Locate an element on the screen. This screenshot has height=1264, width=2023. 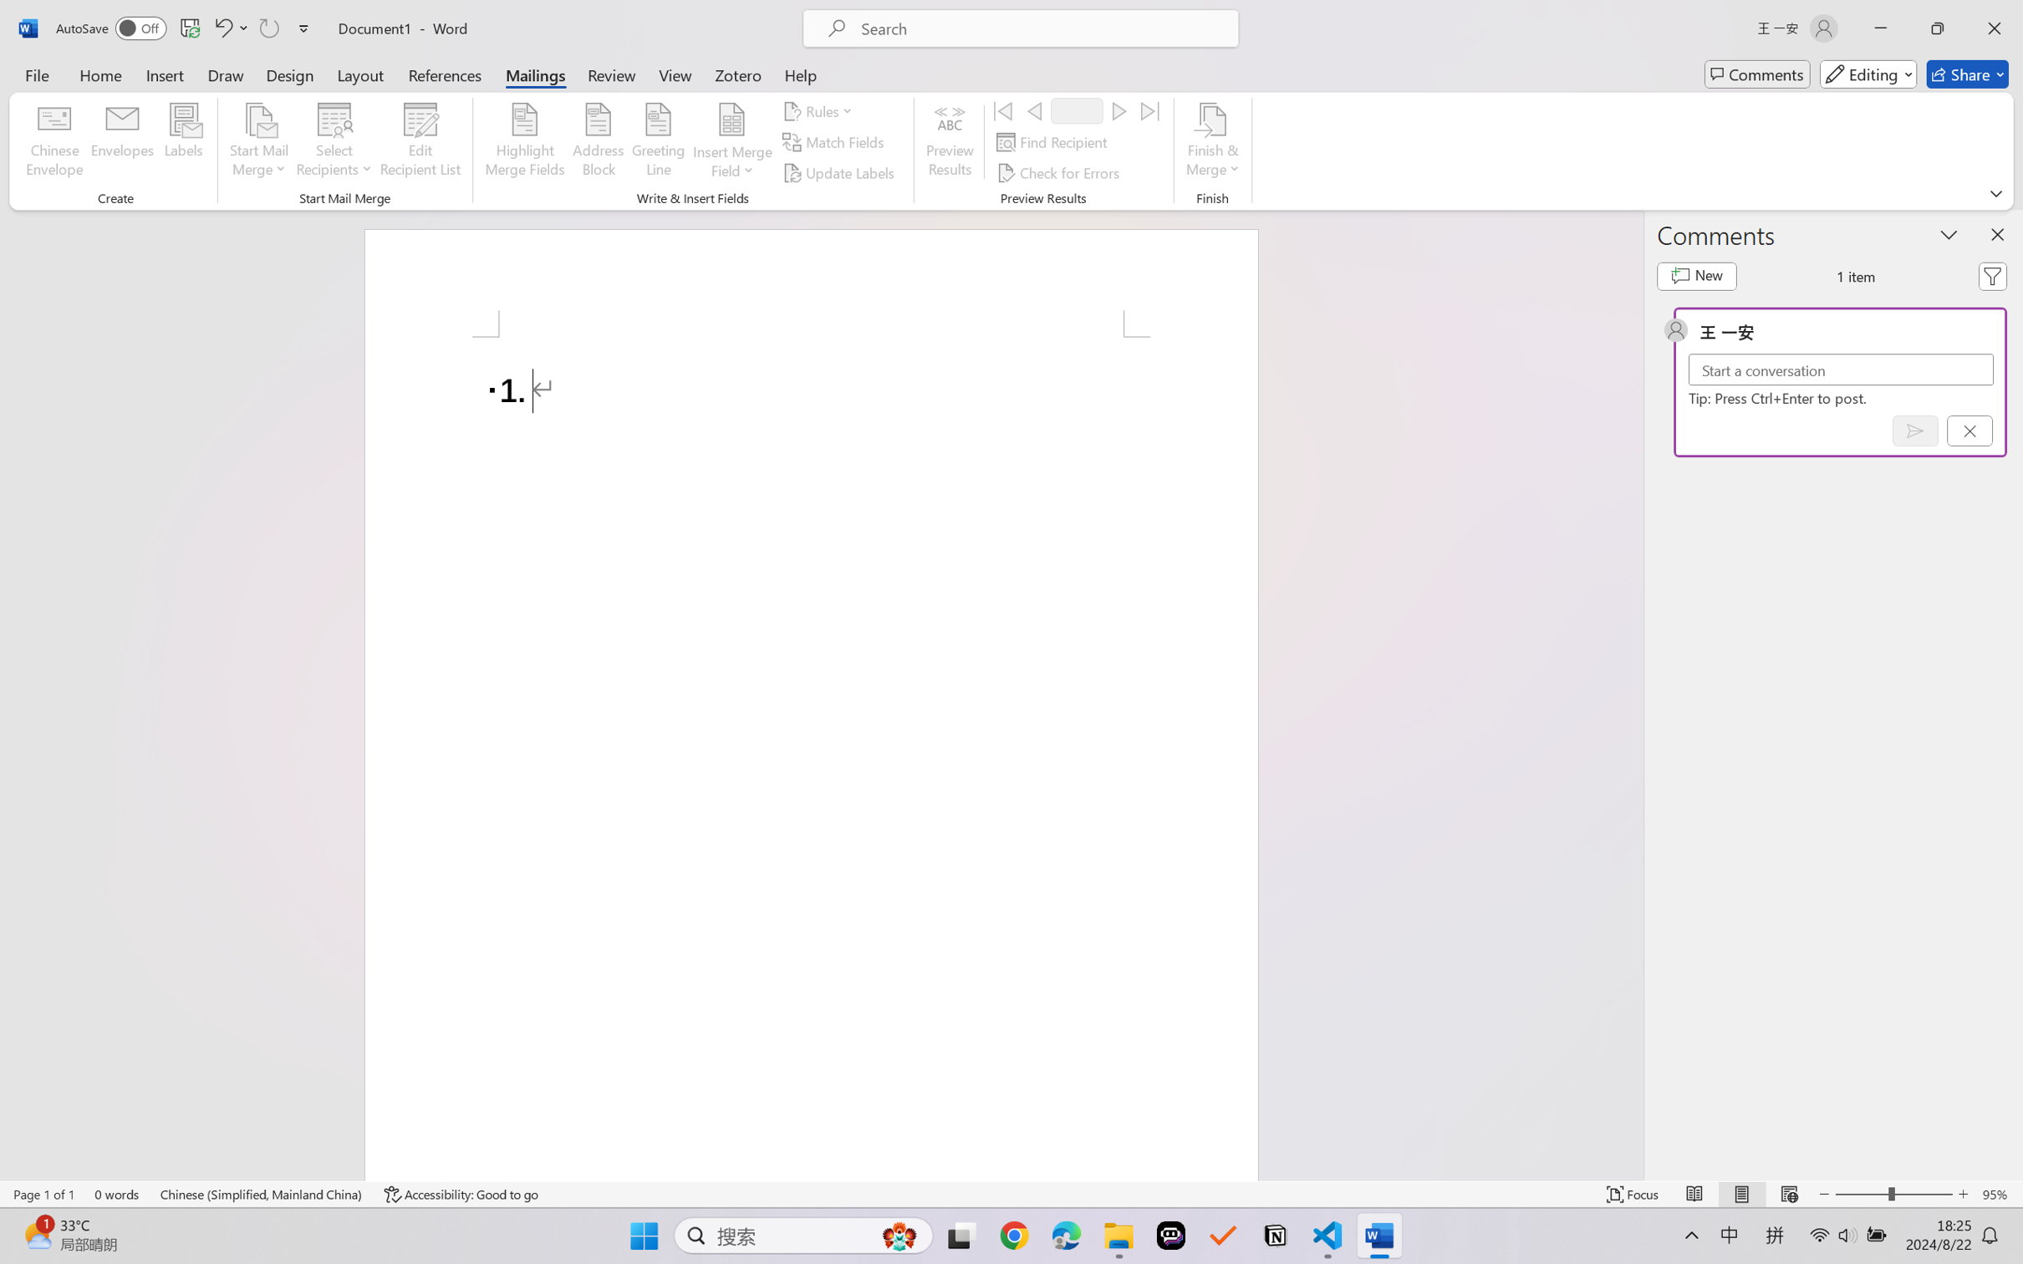
'Previous' is located at coordinates (1033, 110).